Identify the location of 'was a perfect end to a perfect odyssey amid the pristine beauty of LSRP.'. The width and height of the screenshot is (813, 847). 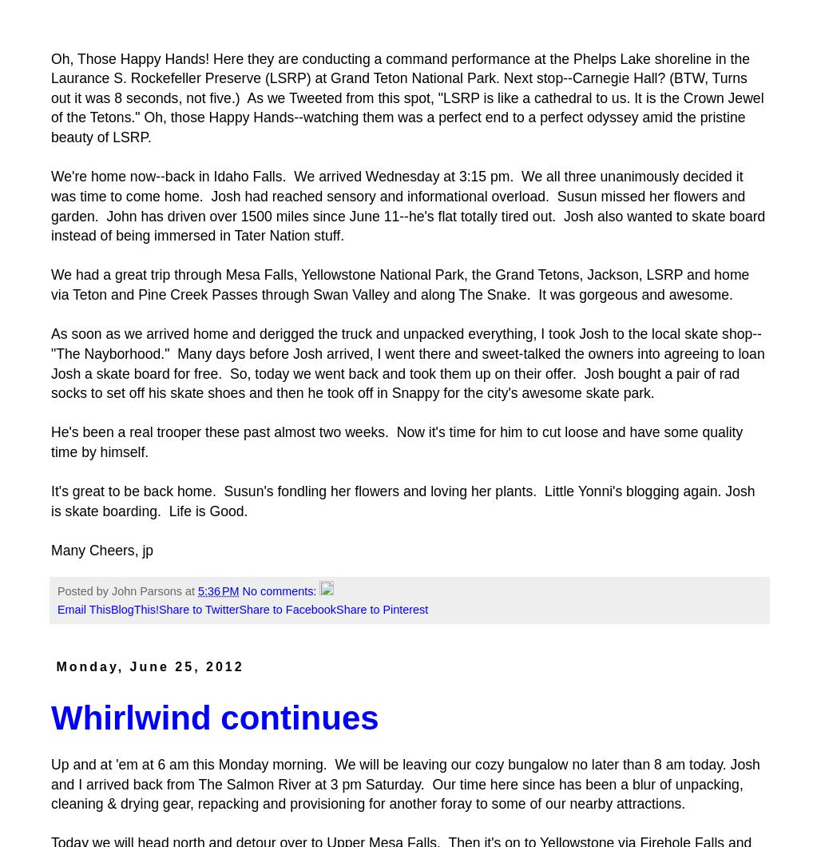
(398, 126).